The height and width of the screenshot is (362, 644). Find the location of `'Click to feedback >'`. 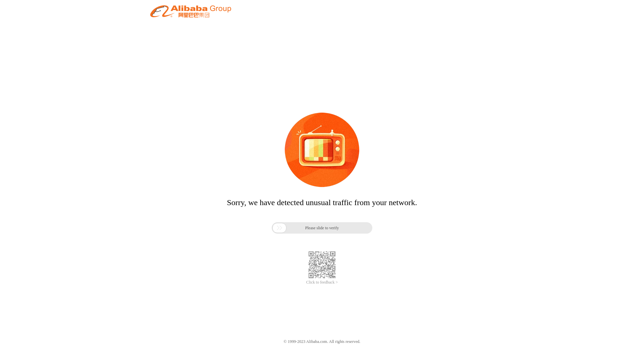

'Click to feedback >' is located at coordinates (322, 282).